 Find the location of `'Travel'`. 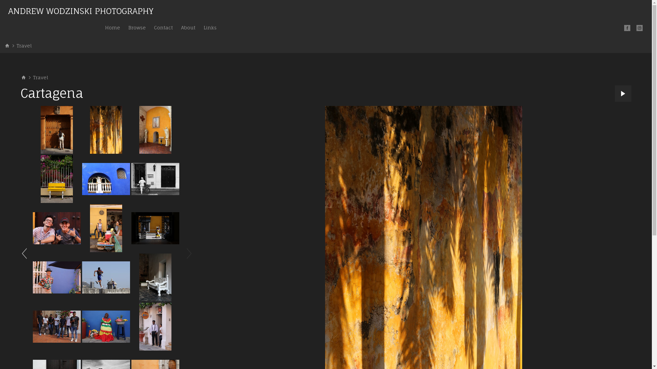

'Travel' is located at coordinates (24, 45).